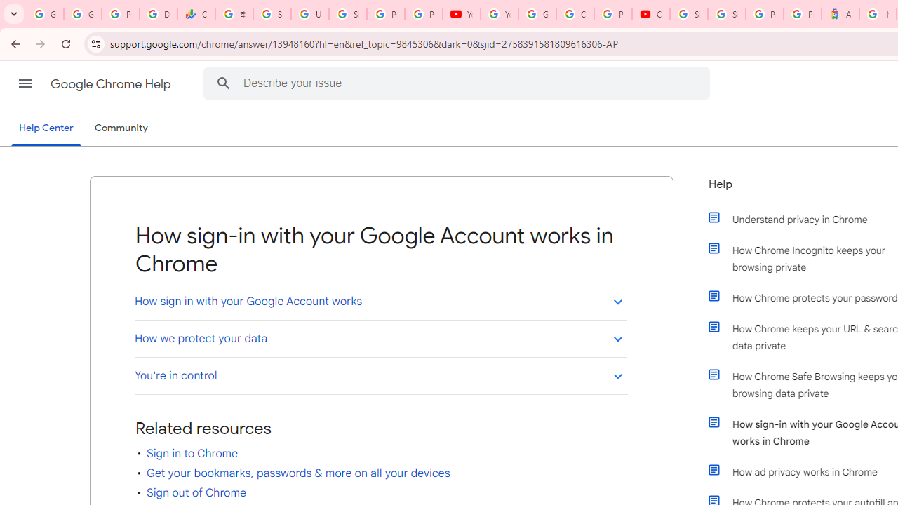 This screenshot has width=898, height=505. I want to click on 'Community', so click(121, 128).